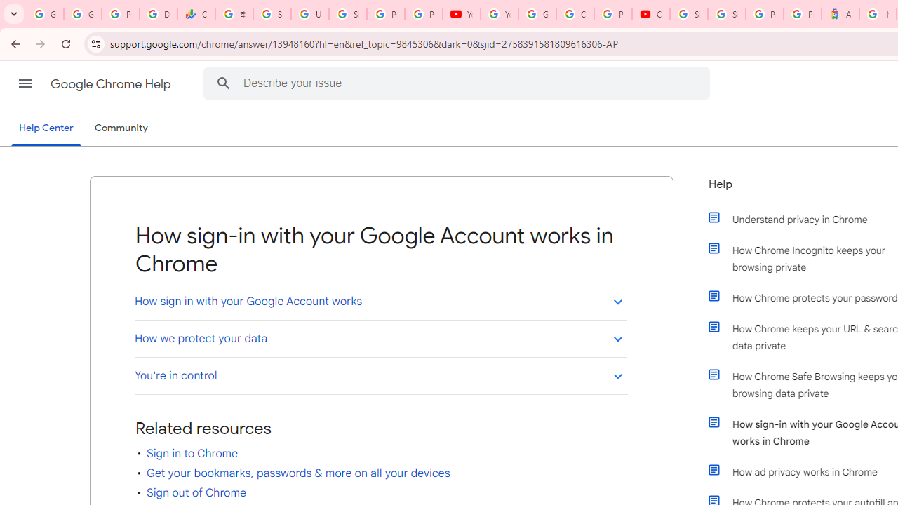 This screenshot has width=898, height=505. I want to click on 'Community', so click(121, 128).